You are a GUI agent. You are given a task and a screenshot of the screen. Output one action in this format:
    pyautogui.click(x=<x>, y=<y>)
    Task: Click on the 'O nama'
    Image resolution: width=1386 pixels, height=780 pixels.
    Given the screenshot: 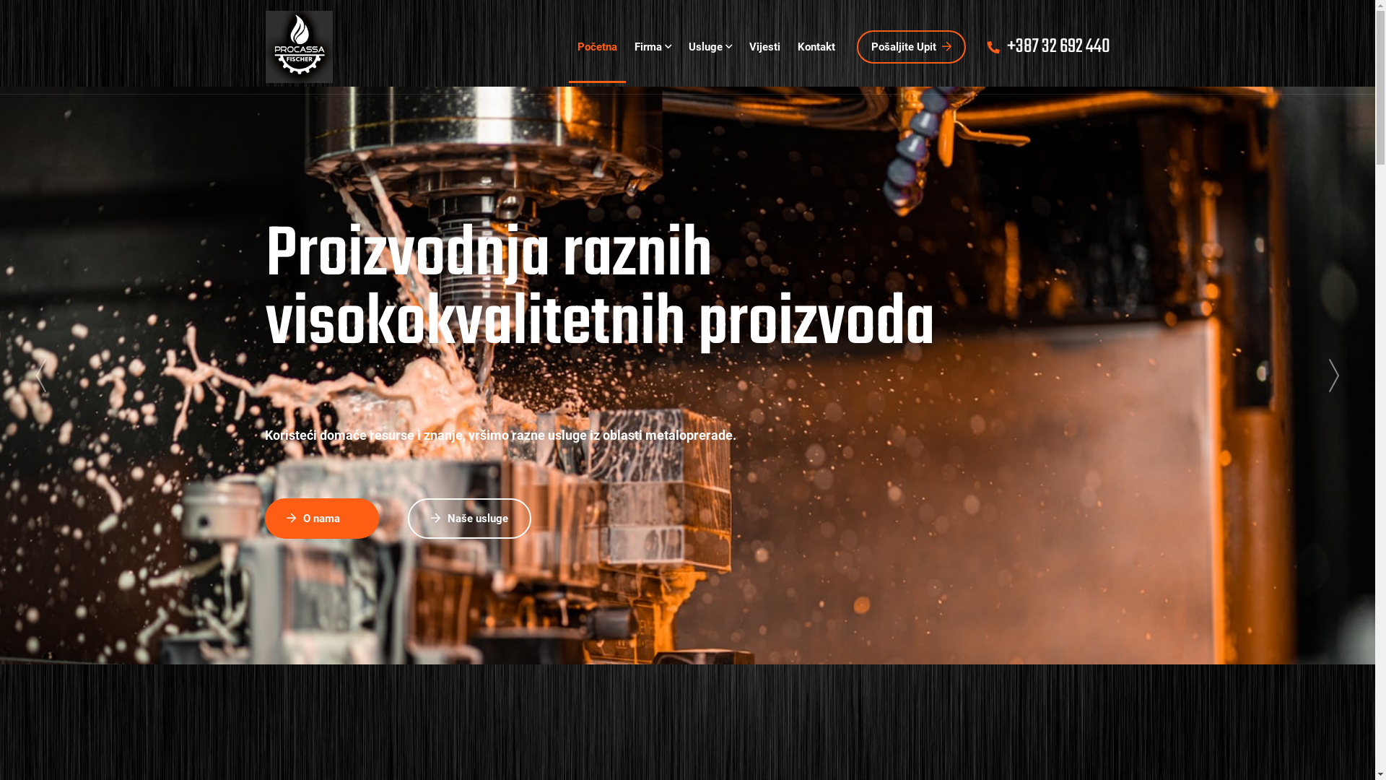 What is the action you would take?
    pyautogui.click(x=321, y=517)
    